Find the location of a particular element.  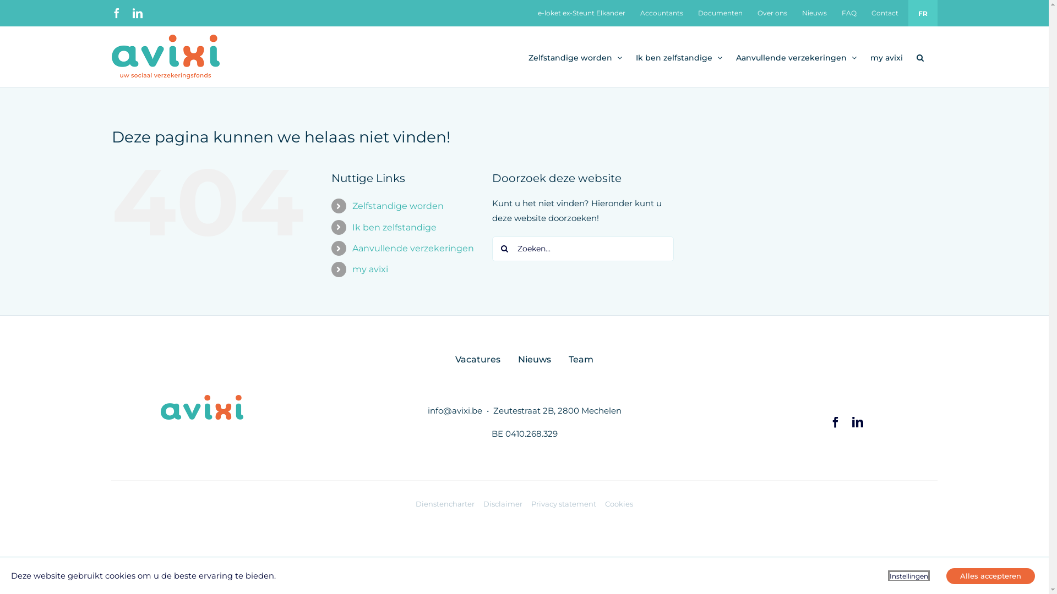

'my avixi' is located at coordinates (869, 57).